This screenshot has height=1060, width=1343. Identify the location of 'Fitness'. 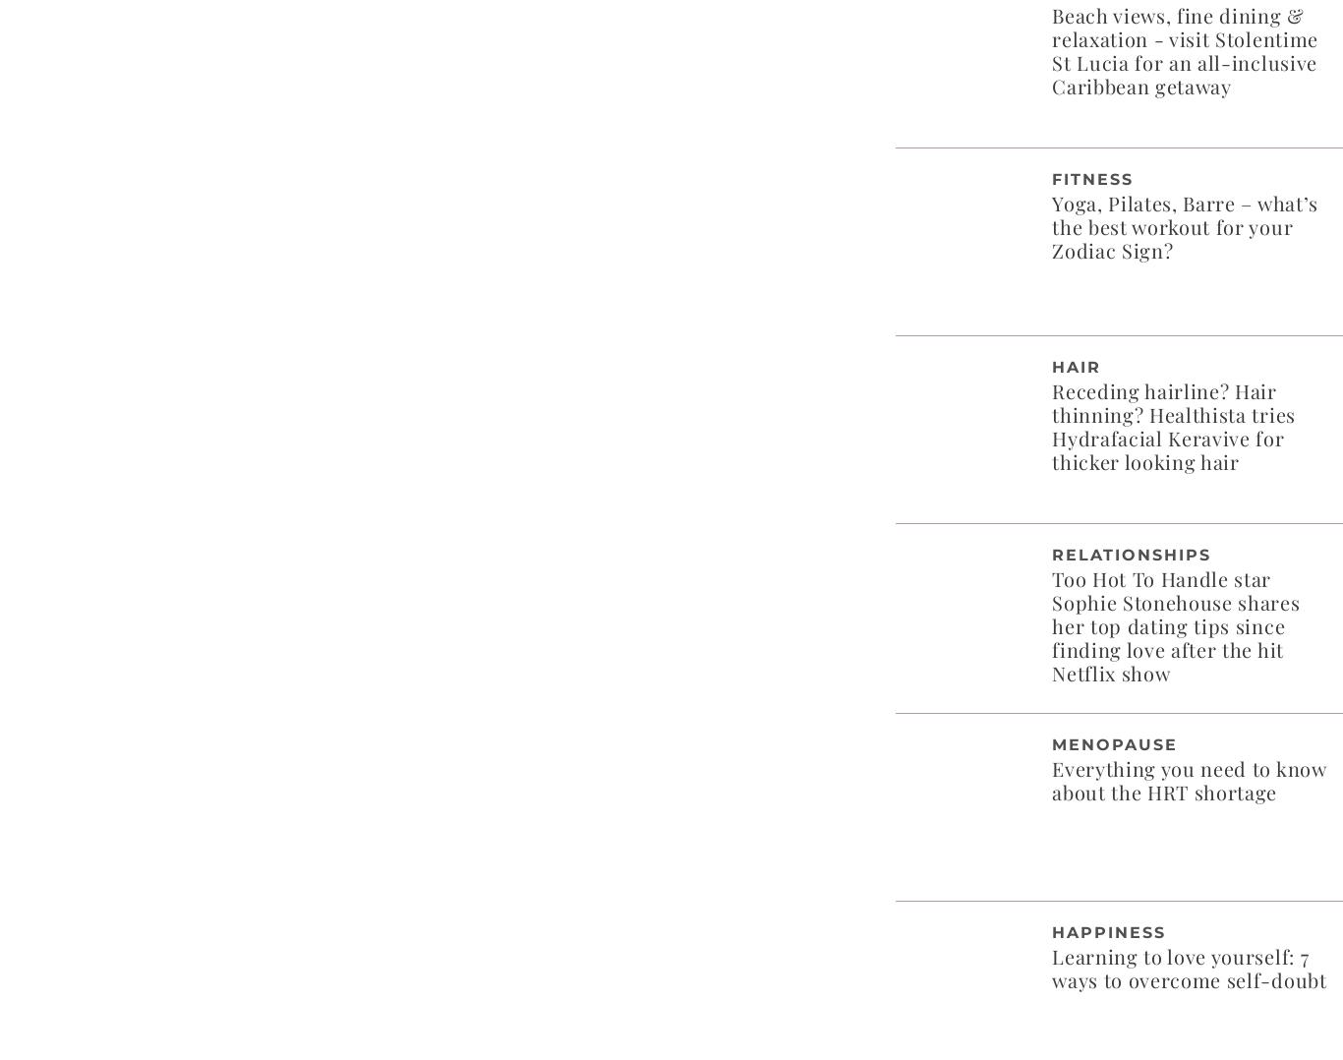
(1091, 177).